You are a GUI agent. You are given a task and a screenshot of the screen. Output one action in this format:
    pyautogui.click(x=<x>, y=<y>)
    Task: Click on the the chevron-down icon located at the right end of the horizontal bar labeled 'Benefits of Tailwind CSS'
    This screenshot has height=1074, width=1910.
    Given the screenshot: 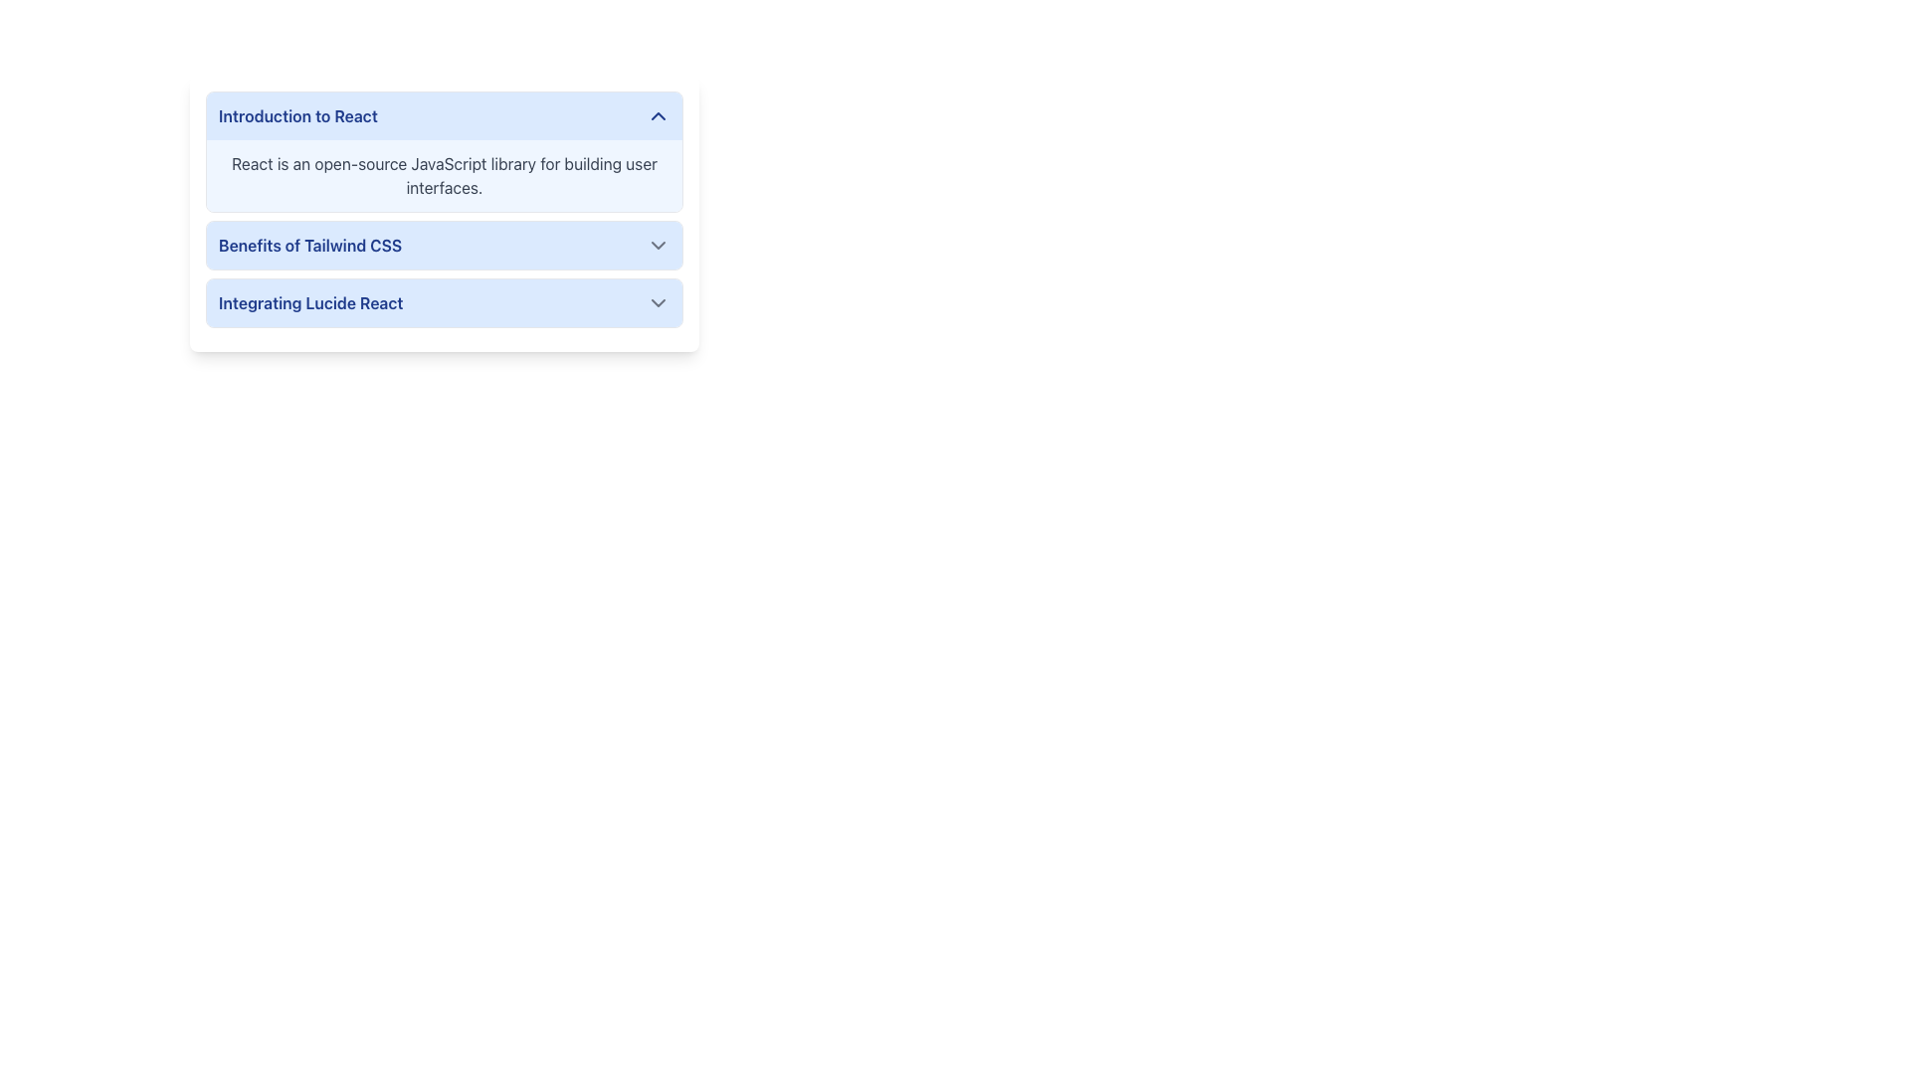 What is the action you would take?
    pyautogui.click(x=659, y=244)
    